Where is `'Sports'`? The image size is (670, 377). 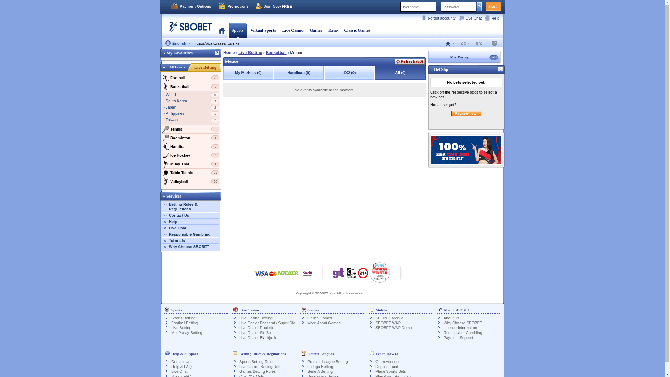
'Sports' is located at coordinates (231, 30).